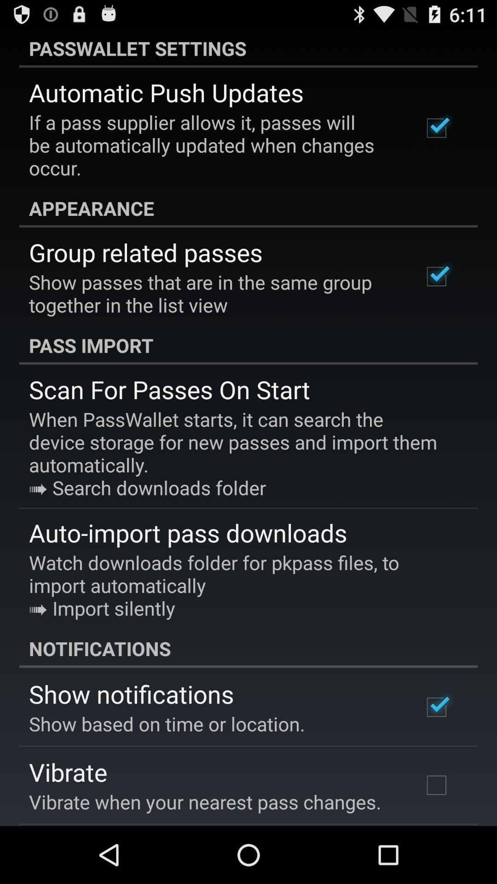  I want to click on item above the appearance, so click(213, 145).